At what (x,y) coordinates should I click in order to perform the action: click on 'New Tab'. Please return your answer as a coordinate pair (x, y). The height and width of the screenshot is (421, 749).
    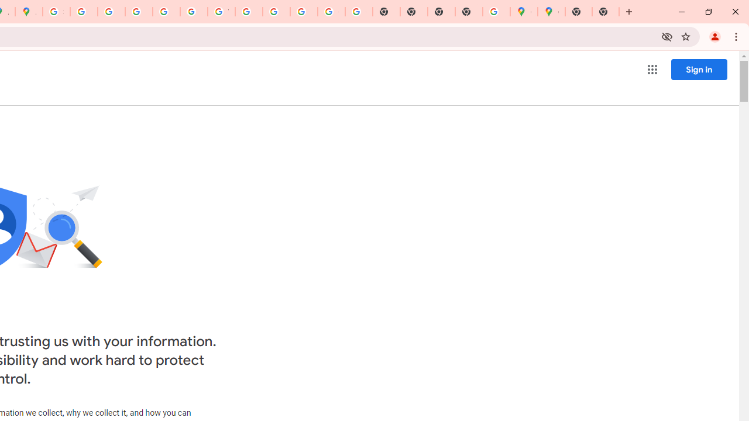
    Looking at the image, I should click on (606, 12).